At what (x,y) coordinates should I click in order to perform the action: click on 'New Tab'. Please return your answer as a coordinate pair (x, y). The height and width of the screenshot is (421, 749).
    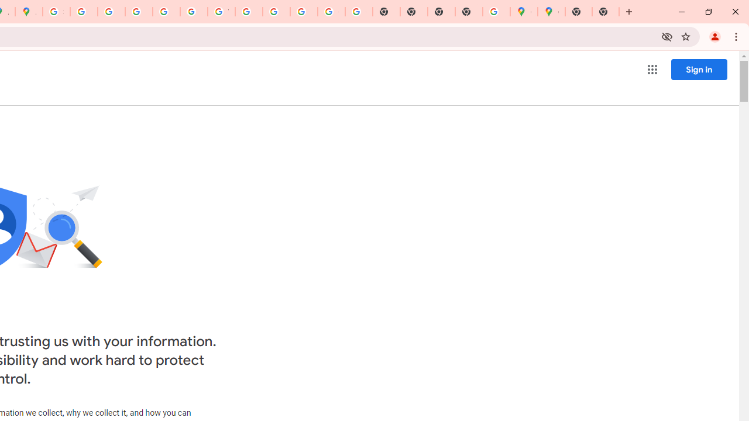
    Looking at the image, I should click on (606, 12).